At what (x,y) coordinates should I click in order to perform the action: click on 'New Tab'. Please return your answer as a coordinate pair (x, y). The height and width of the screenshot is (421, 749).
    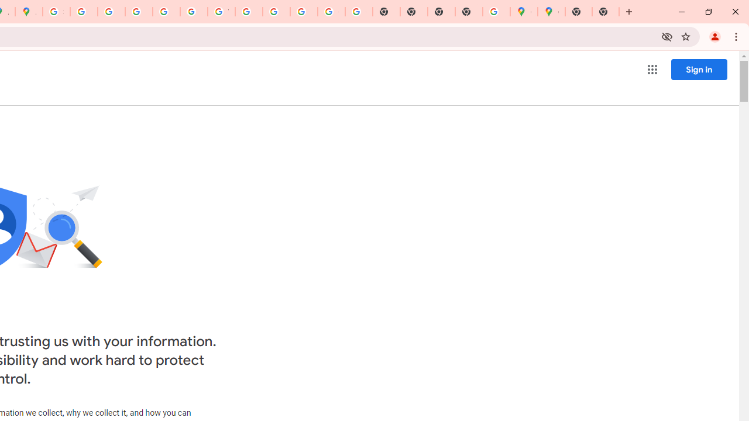
    Looking at the image, I should click on (606, 12).